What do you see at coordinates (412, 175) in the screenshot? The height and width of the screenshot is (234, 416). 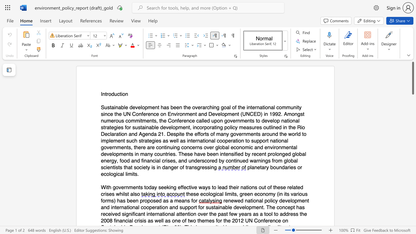 I see `the scrollbar to move the content lower` at bounding box center [412, 175].